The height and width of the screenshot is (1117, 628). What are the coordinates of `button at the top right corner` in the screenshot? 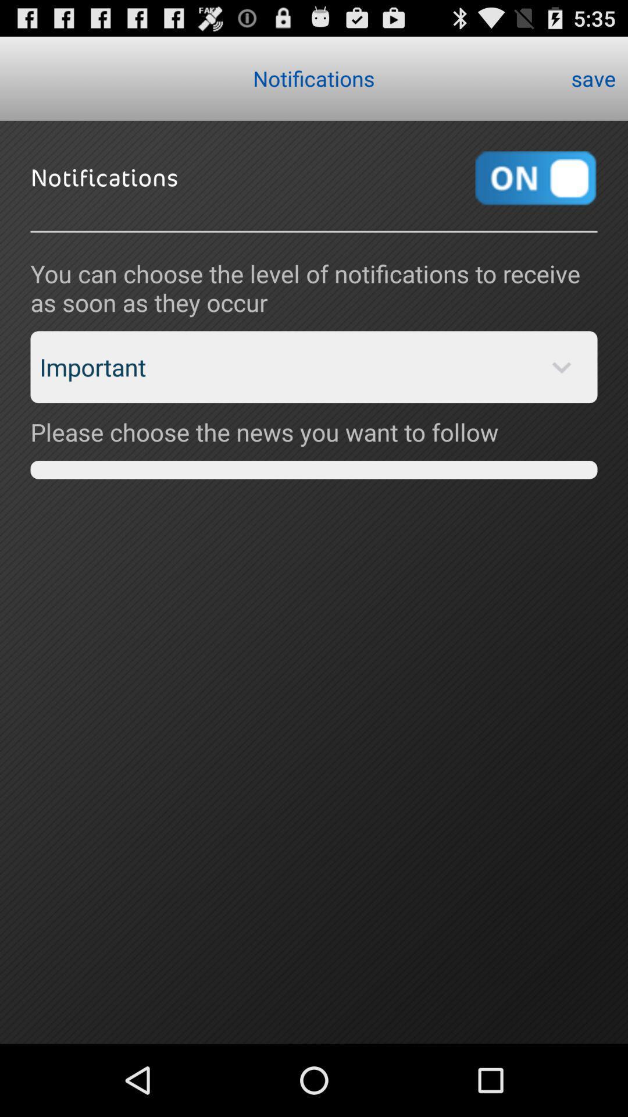 It's located at (593, 77).